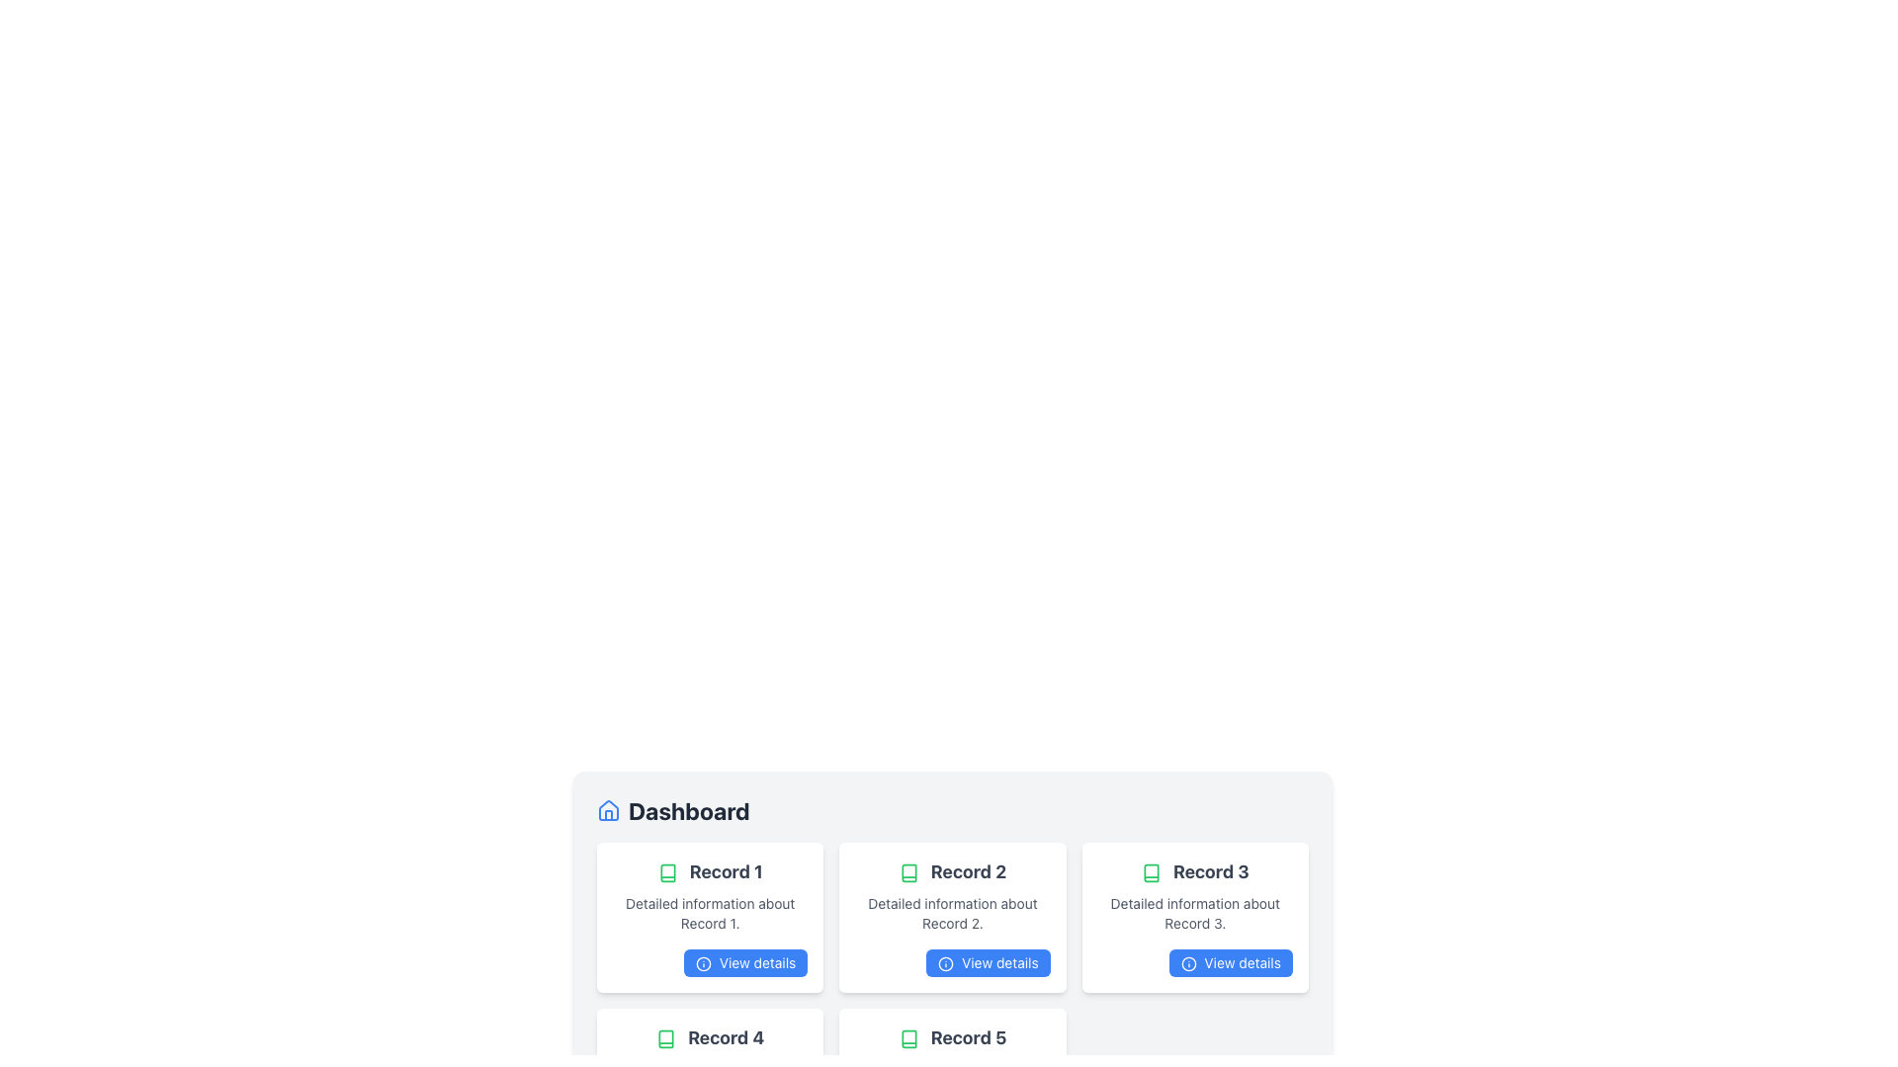 The image size is (1898, 1067). What do you see at coordinates (710, 871) in the screenshot?
I see `text displayed in the title of the first card in the grid below the 'Dashboard' heading, which serves as an identifier for the record` at bounding box center [710, 871].